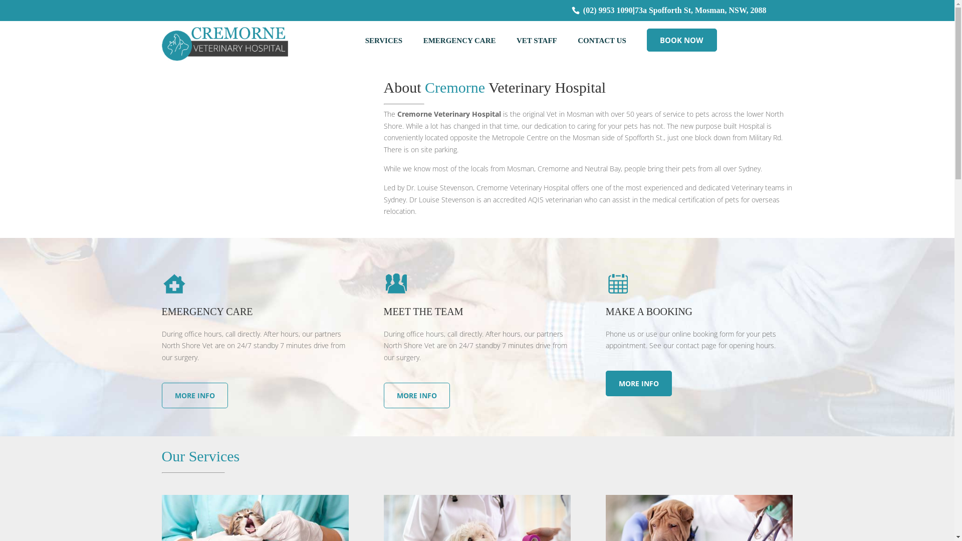 The image size is (962, 541). What do you see at coordinates (700, 10) in the screenshot?
I see `'73a Spofforth St, Mosman, NSW, 2088'` at bounding box center [700, 10].